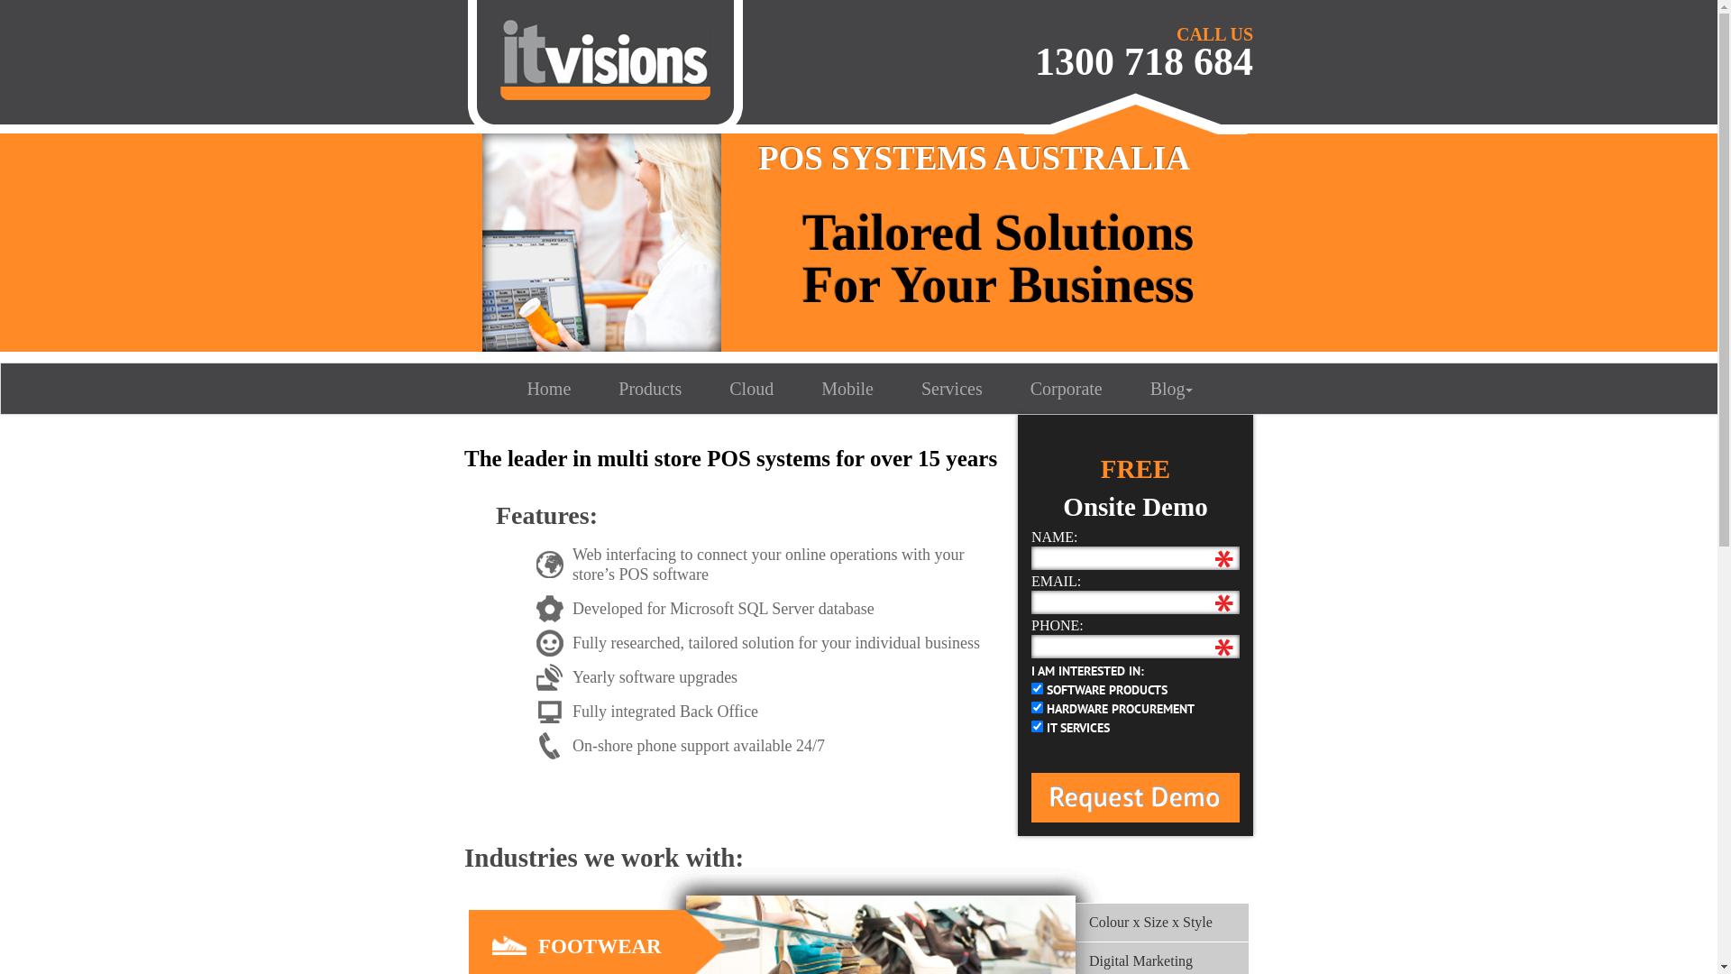 The image size is (1731, 974). I want to click on 'Corporate', so click(1066, 388).